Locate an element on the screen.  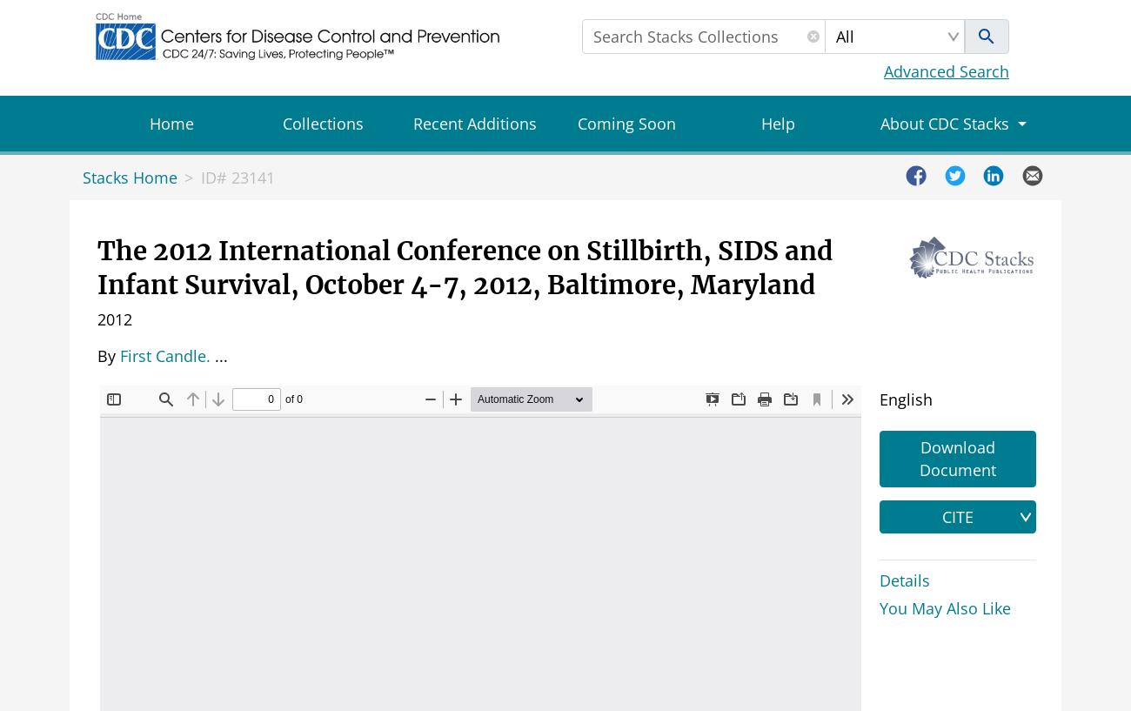
'You May Also Like' is located at coordinates (944, 606).